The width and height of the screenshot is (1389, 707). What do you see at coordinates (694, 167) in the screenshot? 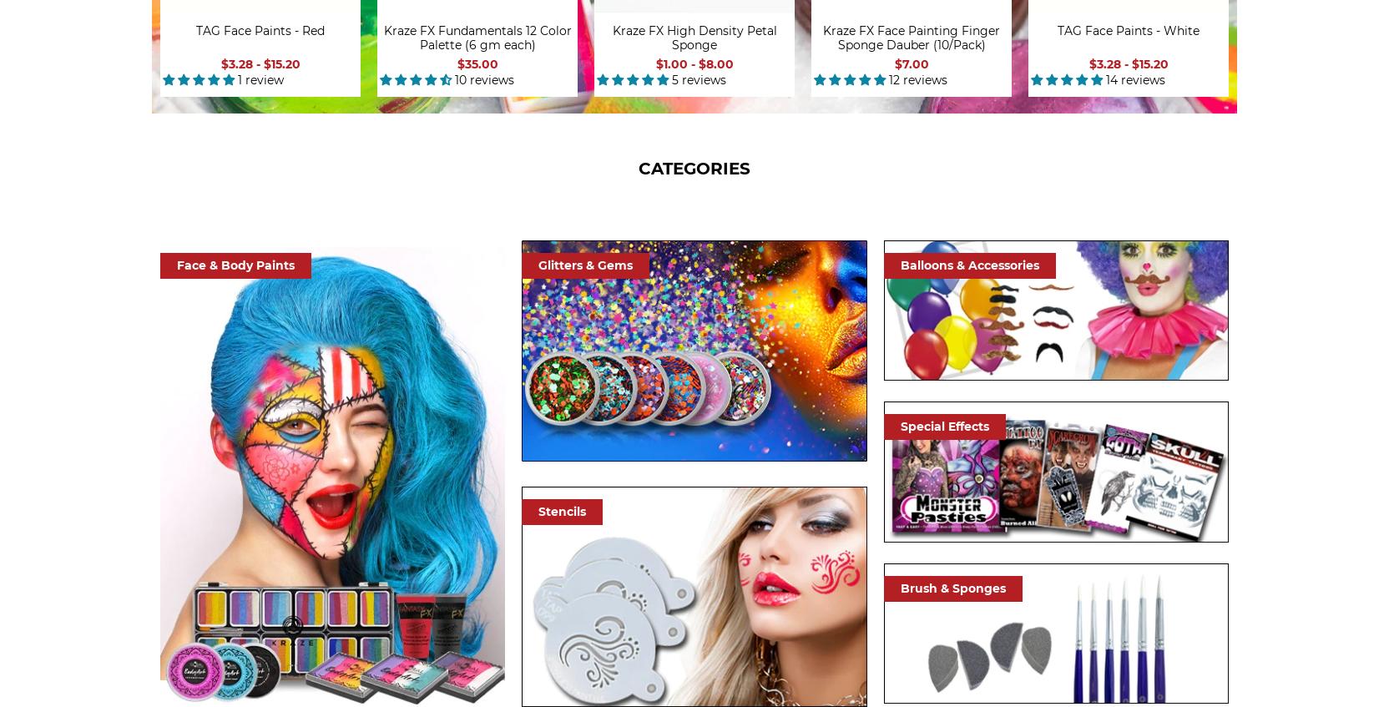
I see `'CATEGORIES'` at bounding box center [694, 167].